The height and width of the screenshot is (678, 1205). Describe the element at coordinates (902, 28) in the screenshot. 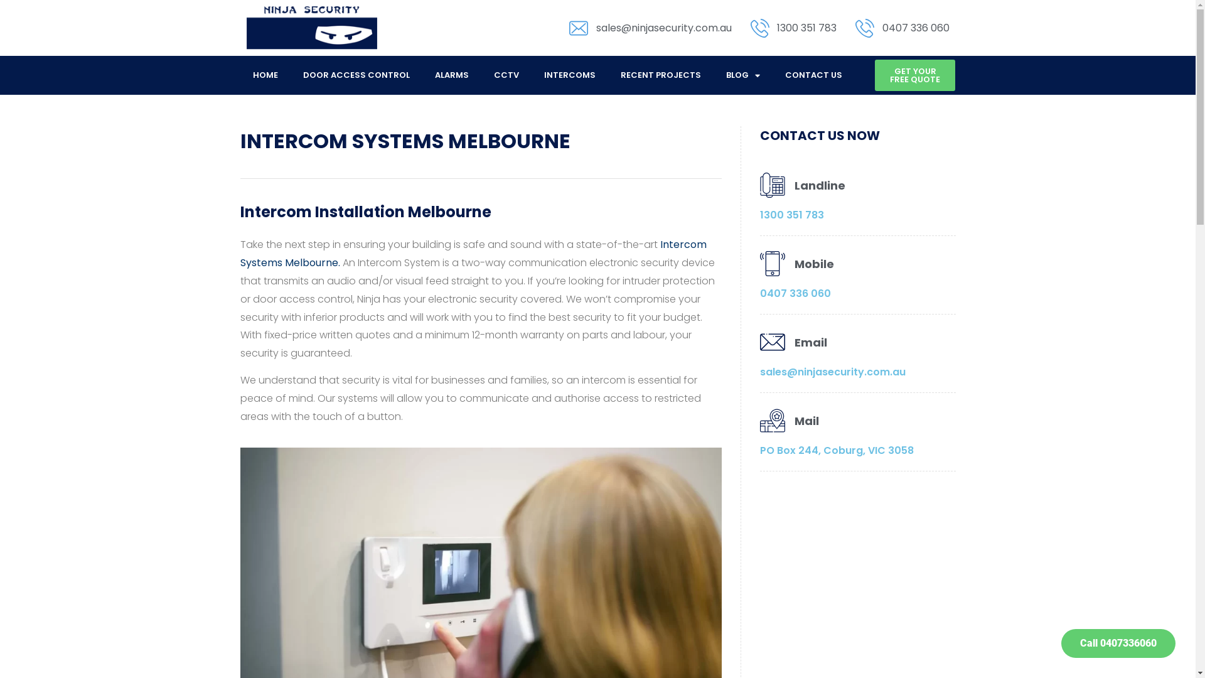

I see `'0407 336 060'` at that location.